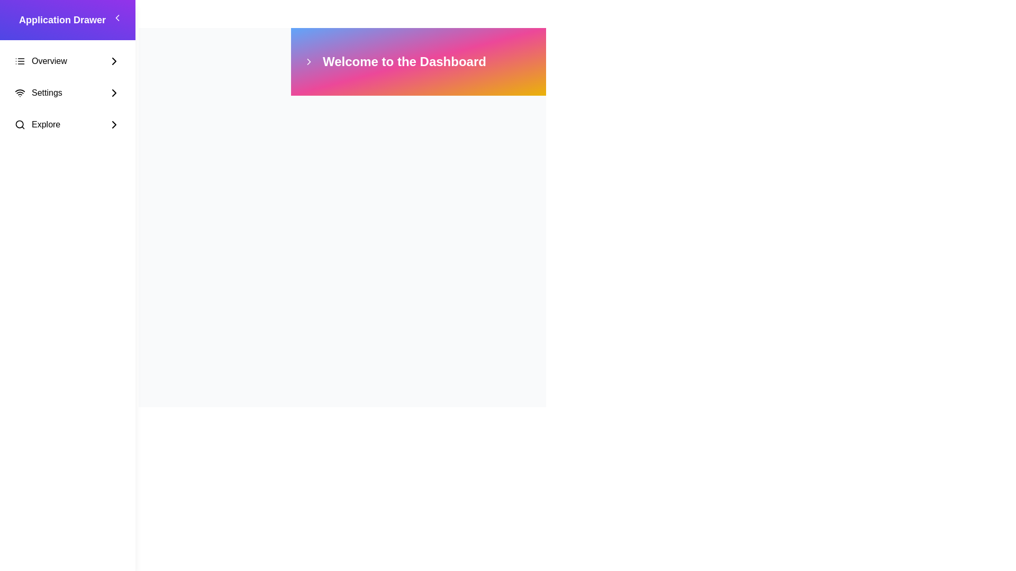 This screenshot has width=1016, height=571. What do you see at coordinates (20, 124) in the screenshot?
I see `the 'Explore' icon, which visually represents the search or discovery functionality, located to the left of the text label 'Explore'` at bounding box center [20, 124].